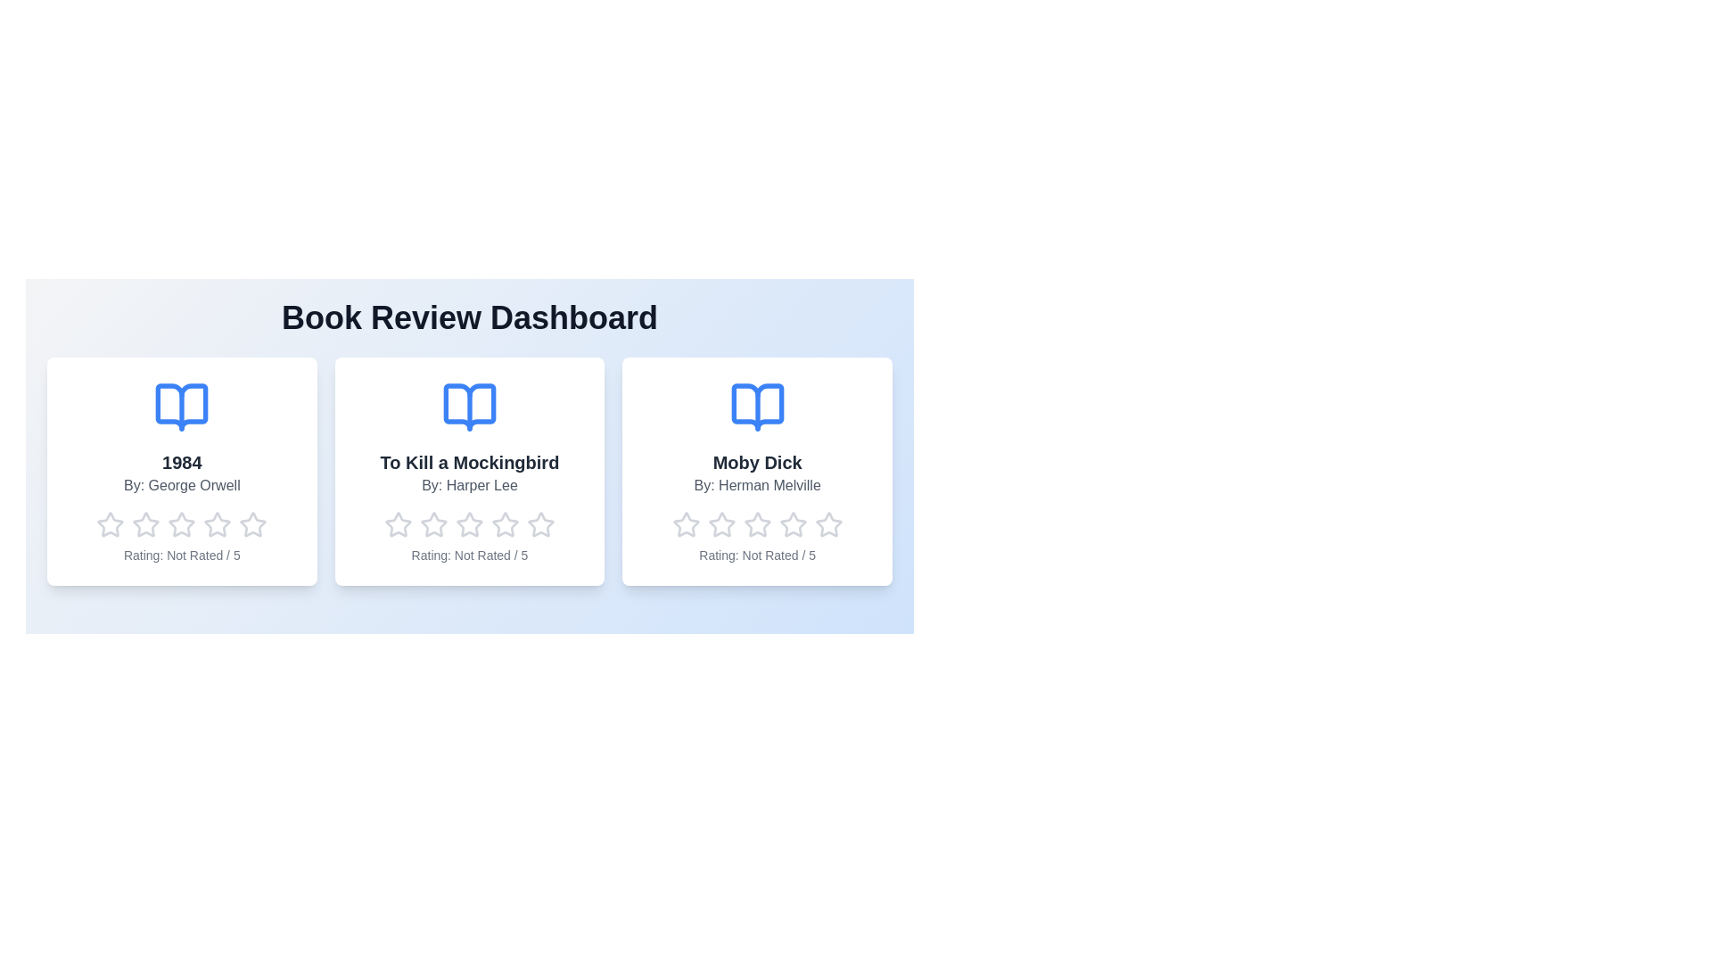  I want to click on the book icon for 1984, so click(182, 407).